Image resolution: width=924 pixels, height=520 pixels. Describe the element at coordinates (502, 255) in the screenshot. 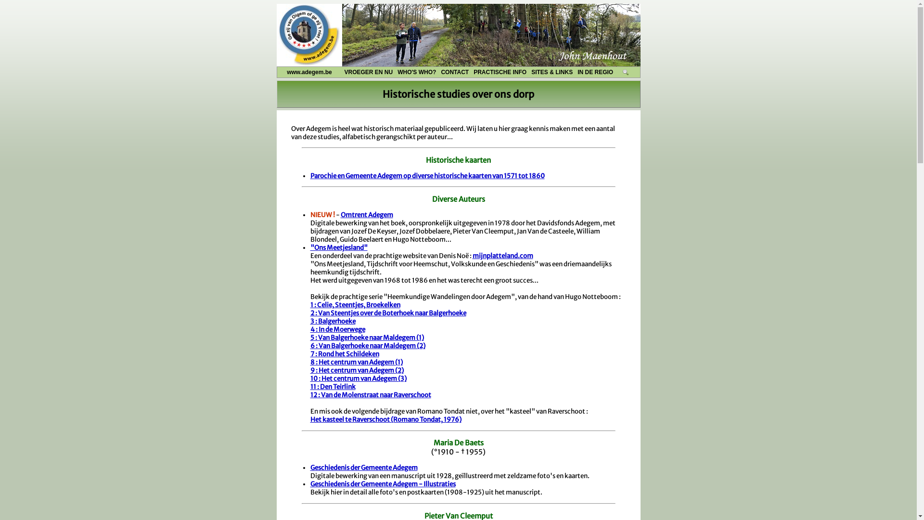

I see `'mijnplatteland.com'` at that location.